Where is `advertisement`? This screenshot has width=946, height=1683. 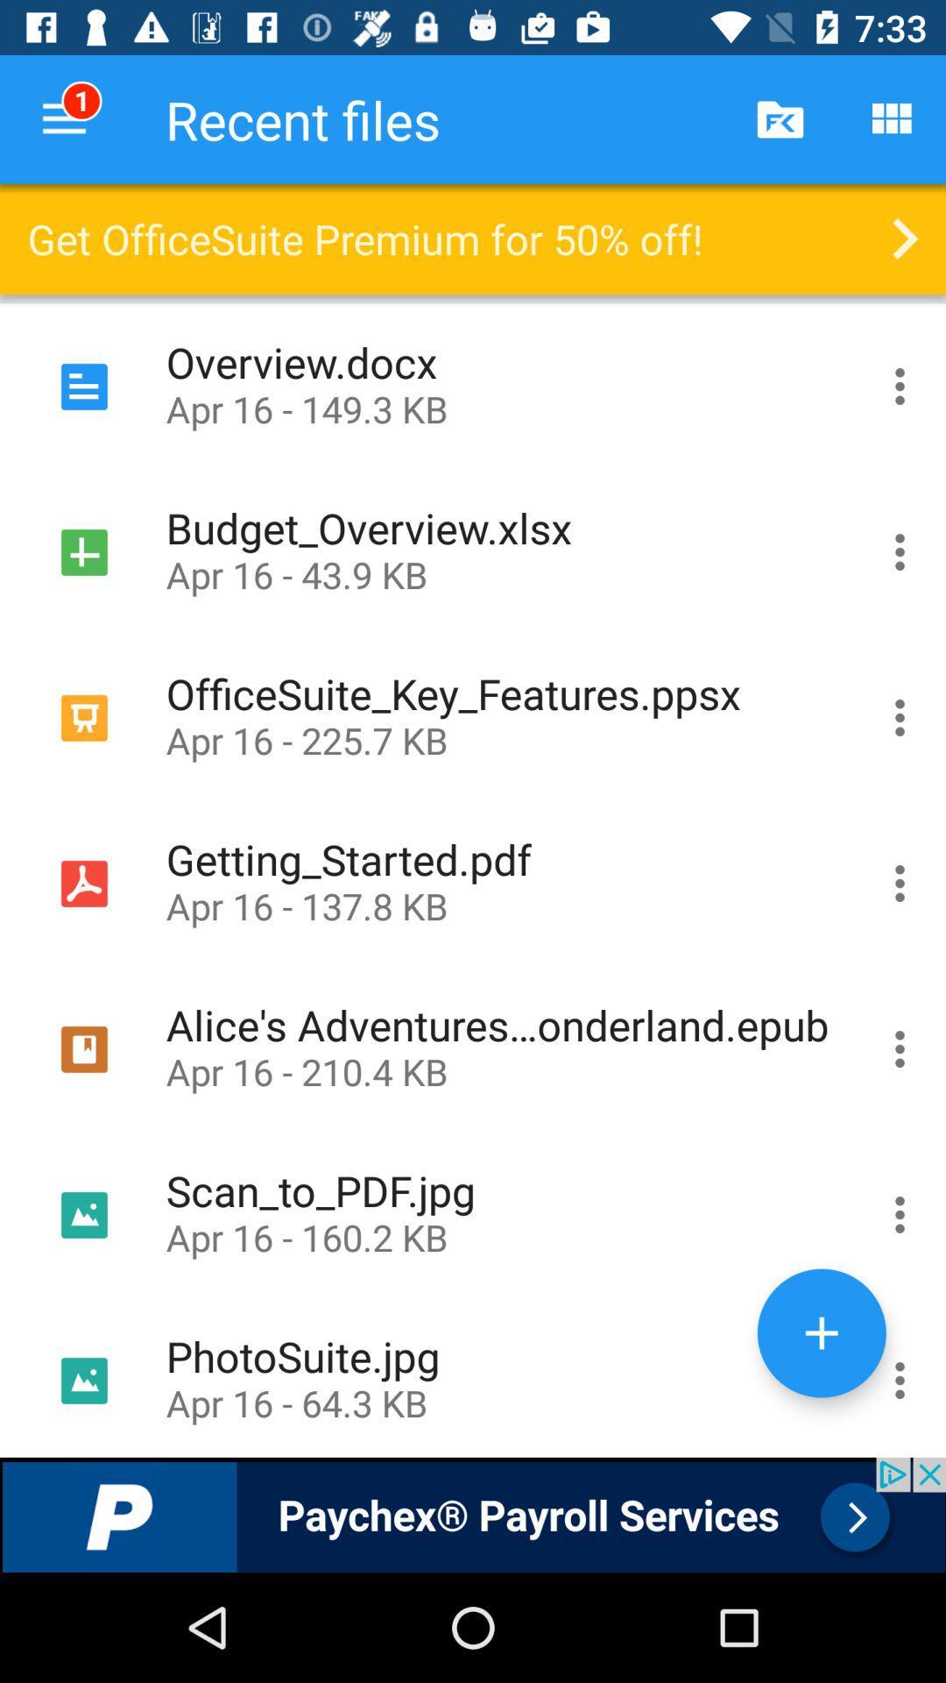
advertisement is located at coordinates (473, 1514).